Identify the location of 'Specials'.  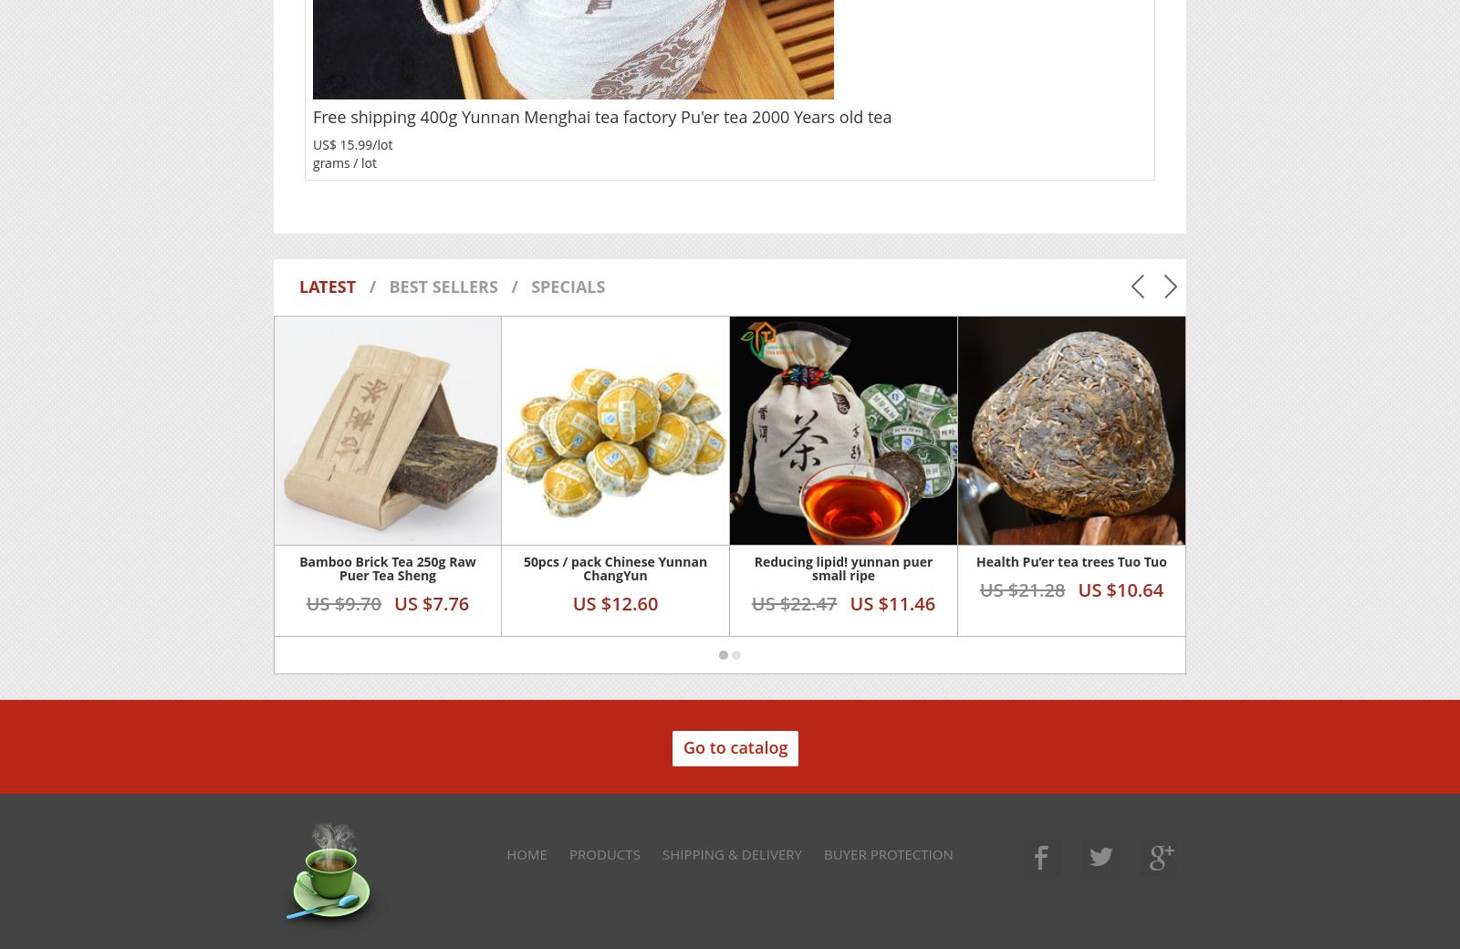
(530, 285).